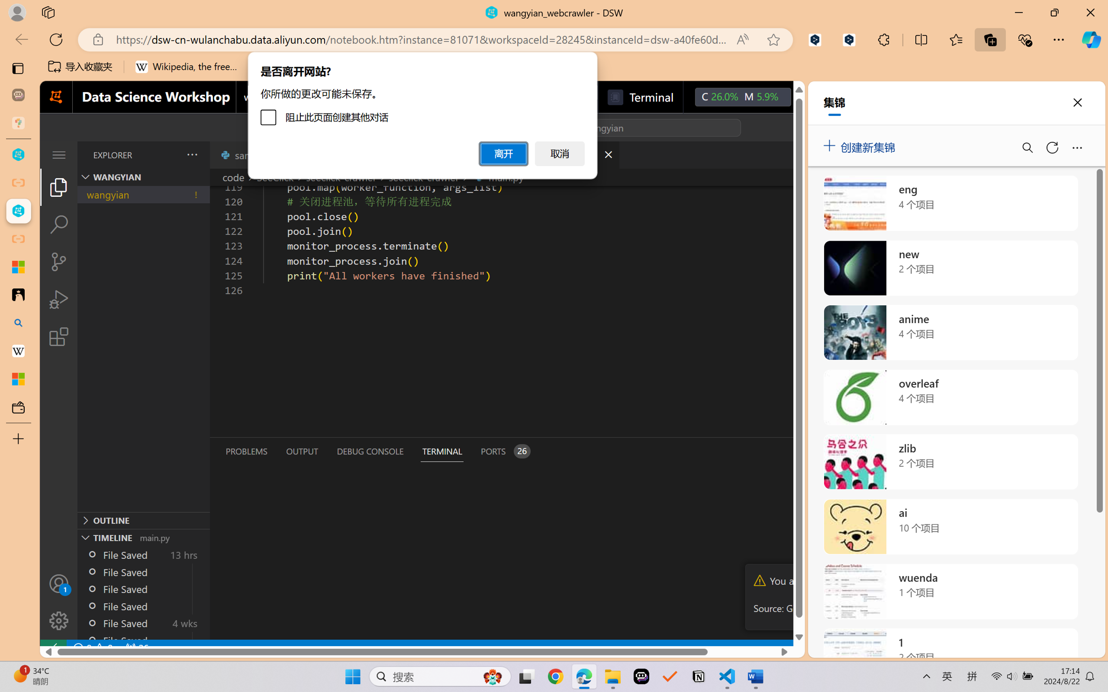 This screenshot has height=692, width=1108. I want to click on 'Class: menubar compact overflow-menu-only', so click(58, 154).